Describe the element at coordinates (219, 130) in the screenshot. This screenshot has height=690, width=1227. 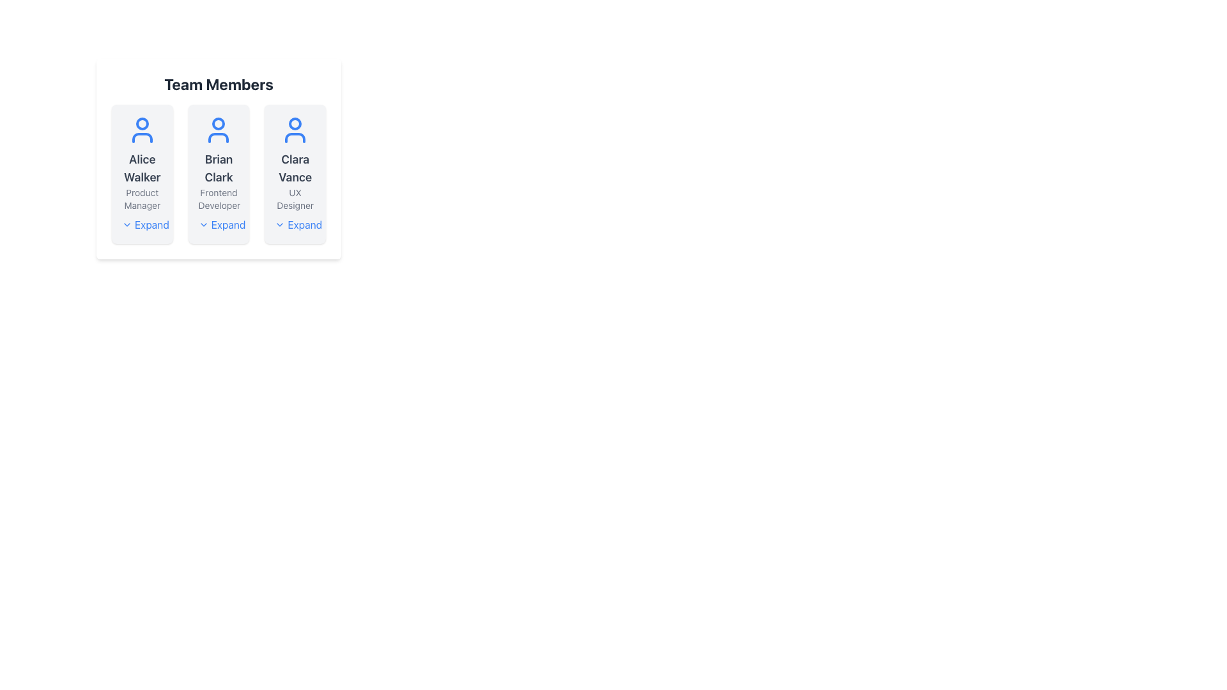
I see `the blue icon representing Brian Clark's profile, which is centrally located within his profile card in the team members section` at that location.